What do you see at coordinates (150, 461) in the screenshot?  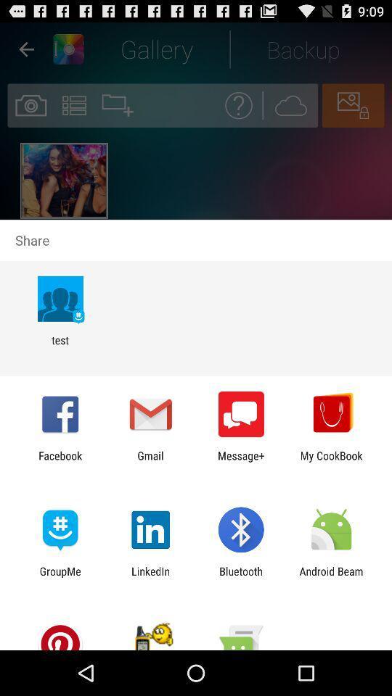 I see `gmail icon` at bounding box center [150, 461].